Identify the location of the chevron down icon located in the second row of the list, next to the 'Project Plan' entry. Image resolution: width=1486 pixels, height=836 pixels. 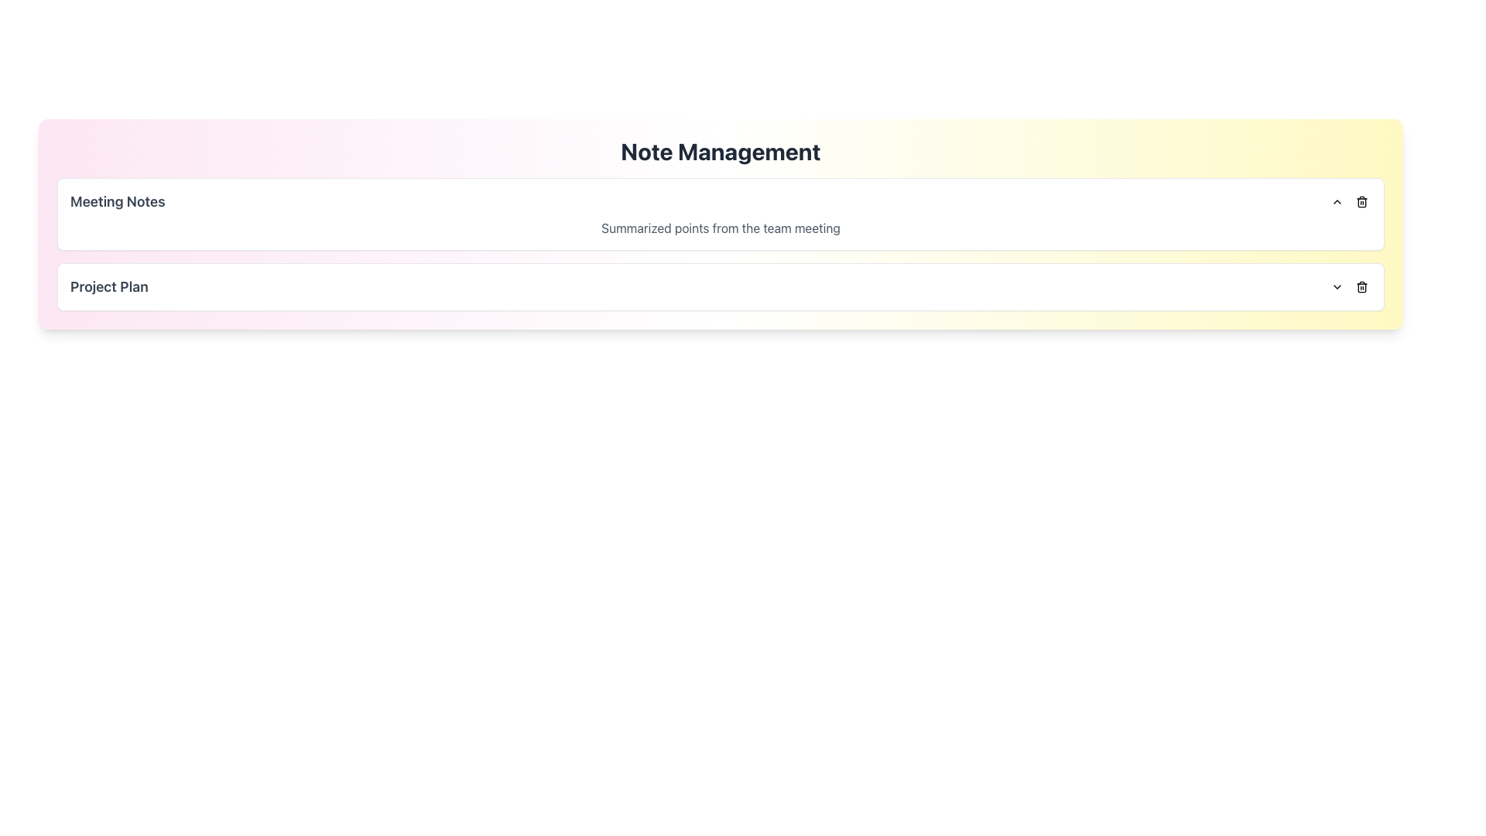
(1337, 286).